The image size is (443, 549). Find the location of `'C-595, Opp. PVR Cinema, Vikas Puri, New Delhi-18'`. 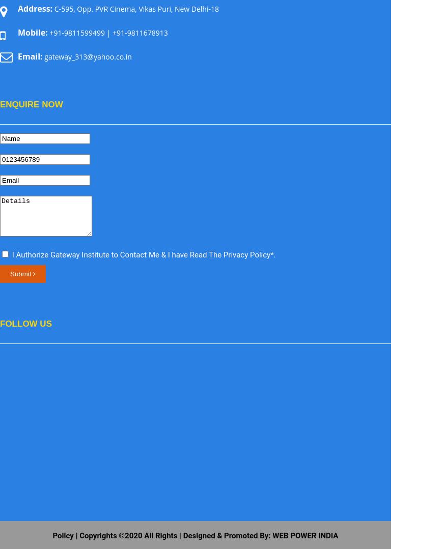

'C-595, Opp. PVR Cinema, Vikas Puri, New Delhi-18' is located at coordinates (135, 9).